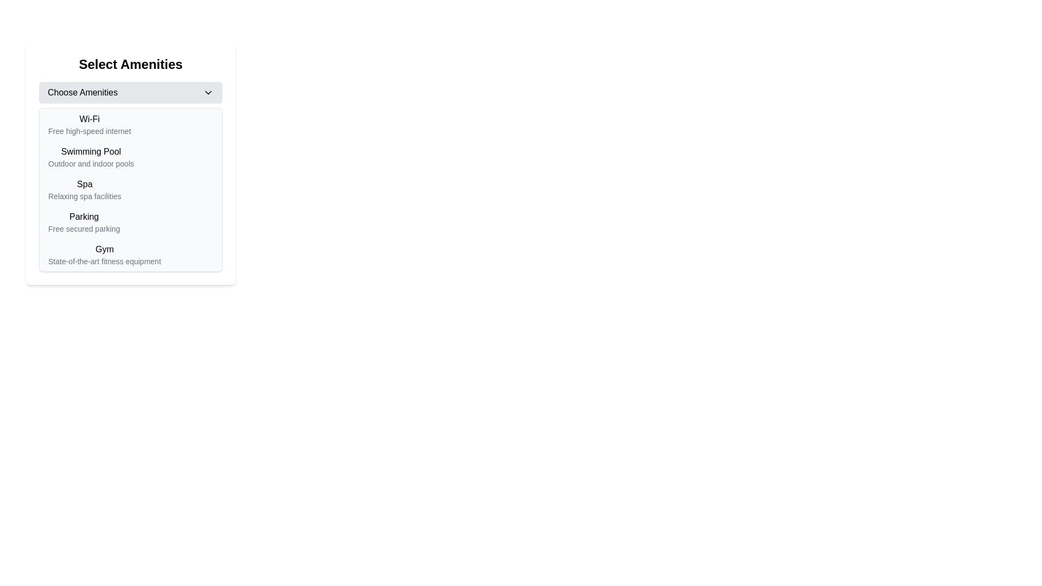 This screenshot has height=586, width=1042. Describe the element at coordinates (91, 157) in the screenshot. I see `the 'Swimming Pool' text block in the 'Select Amenities' section` at that location.